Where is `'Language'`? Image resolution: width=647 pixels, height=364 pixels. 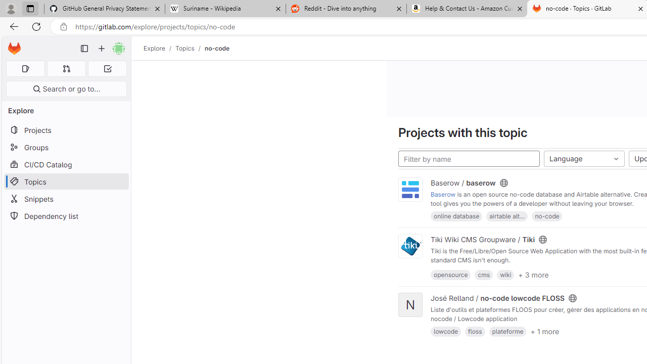
'Language' is located at coordinates (584, 159).